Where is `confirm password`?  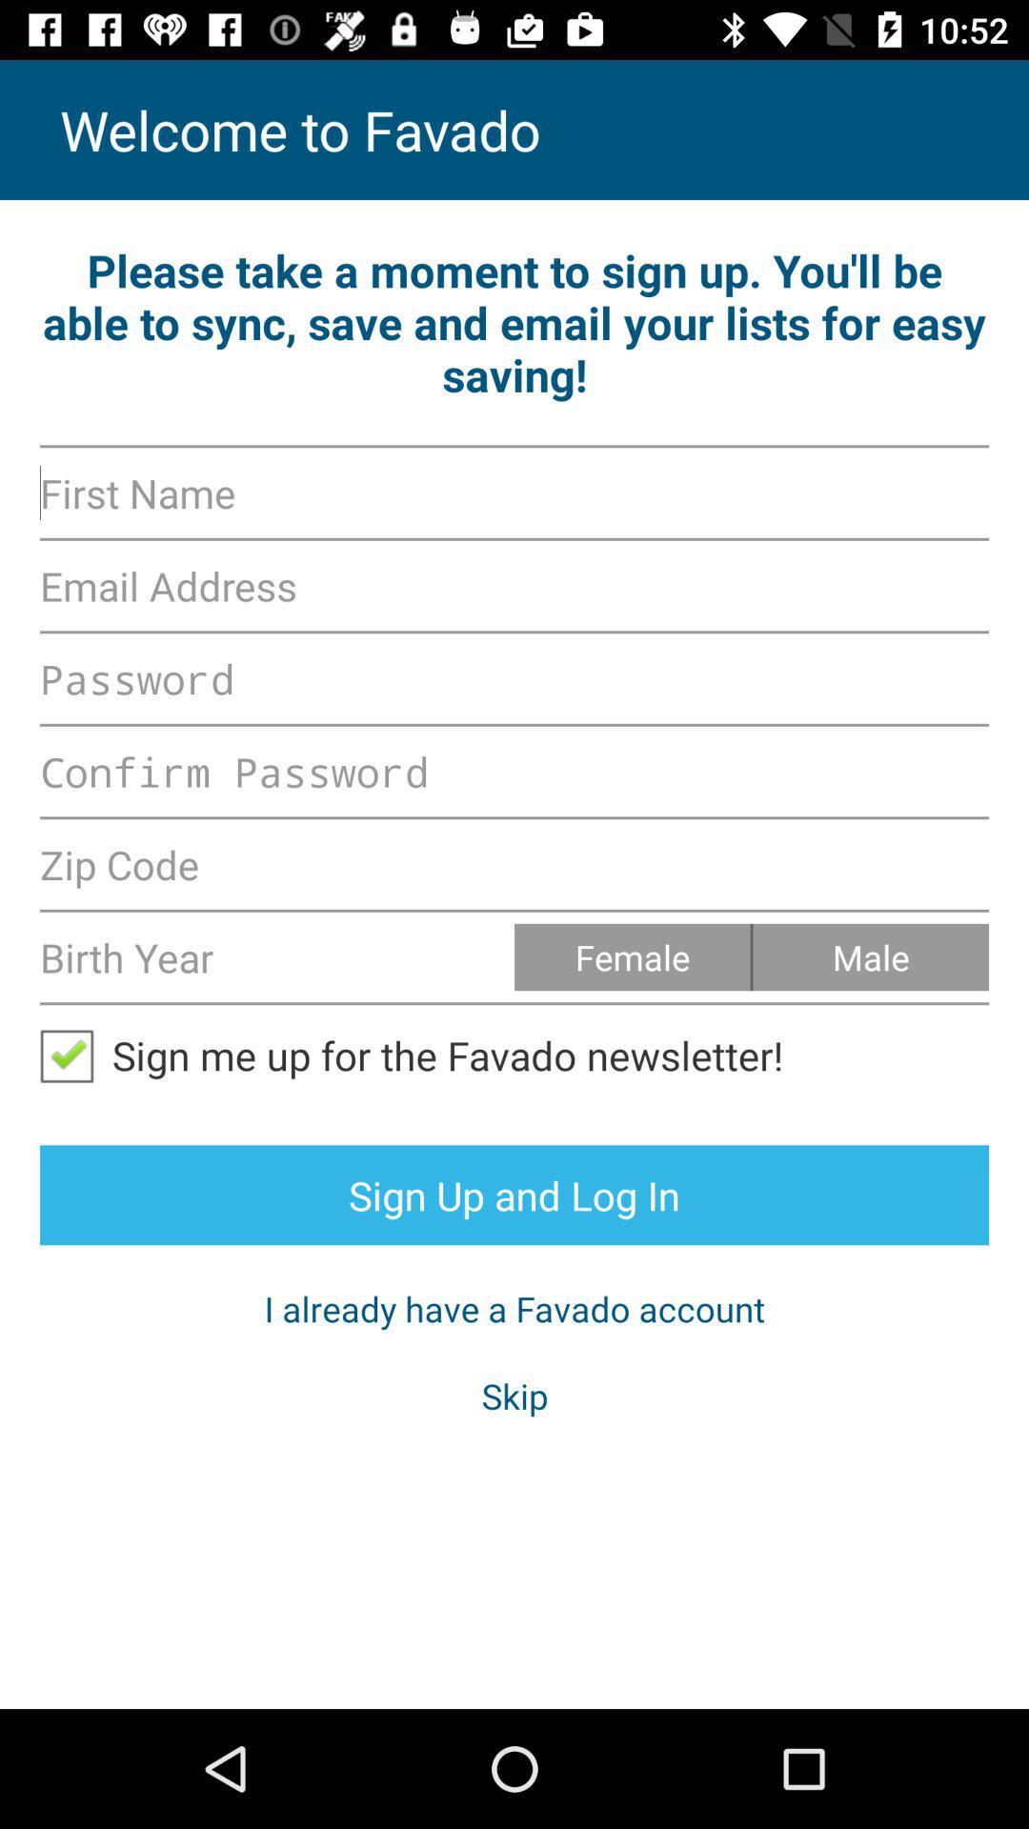 confirm password is located at coordinates (514, 772).